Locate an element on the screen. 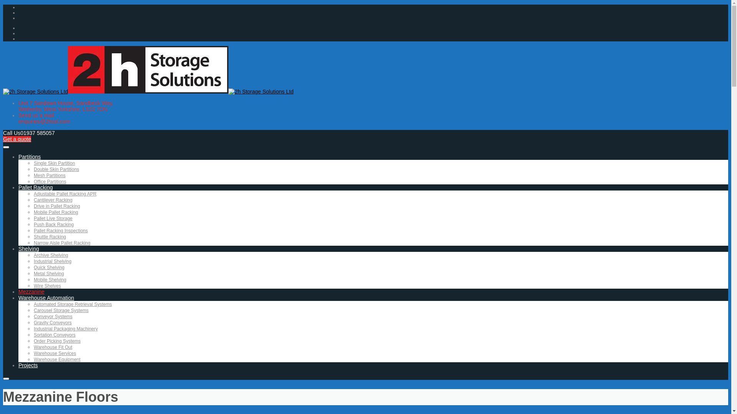 This screenshot has width=737, height=414. 'Order Picking Systems' is located at coordinates (33, 341).